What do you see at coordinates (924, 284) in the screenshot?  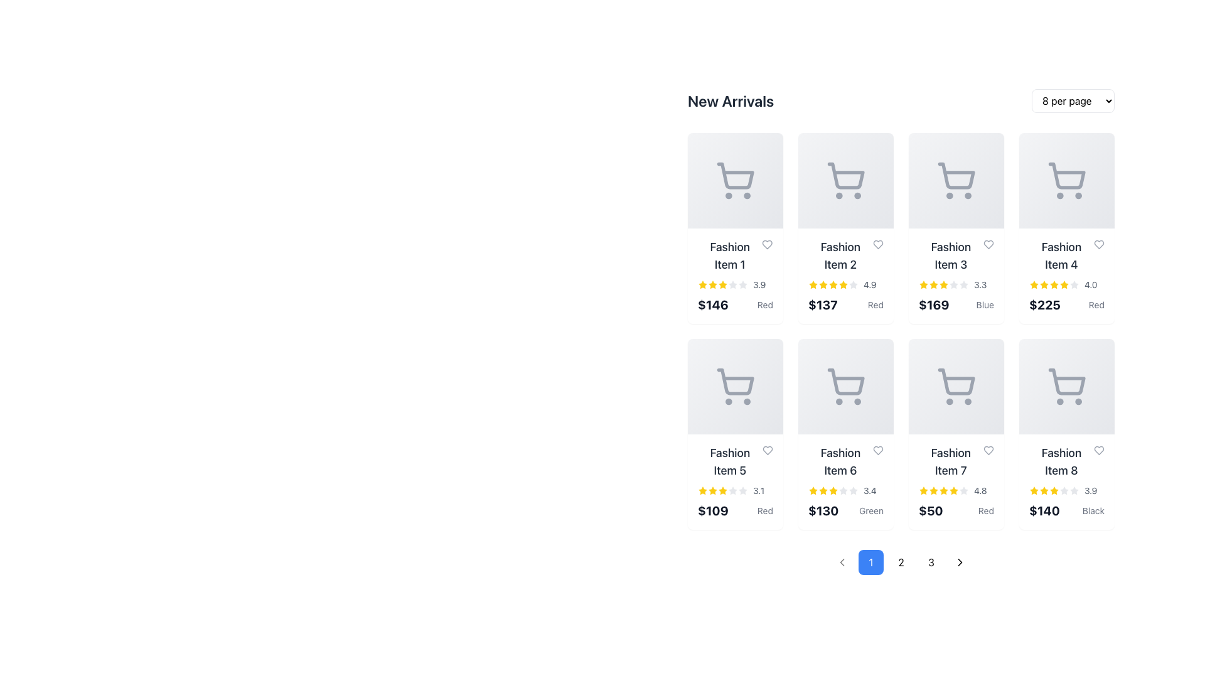 I see `the star icon representing a rating or favorite marker for the 'Fashion Item 1' card in the 'New Arrivals' section` at bounding box center [924, 284].